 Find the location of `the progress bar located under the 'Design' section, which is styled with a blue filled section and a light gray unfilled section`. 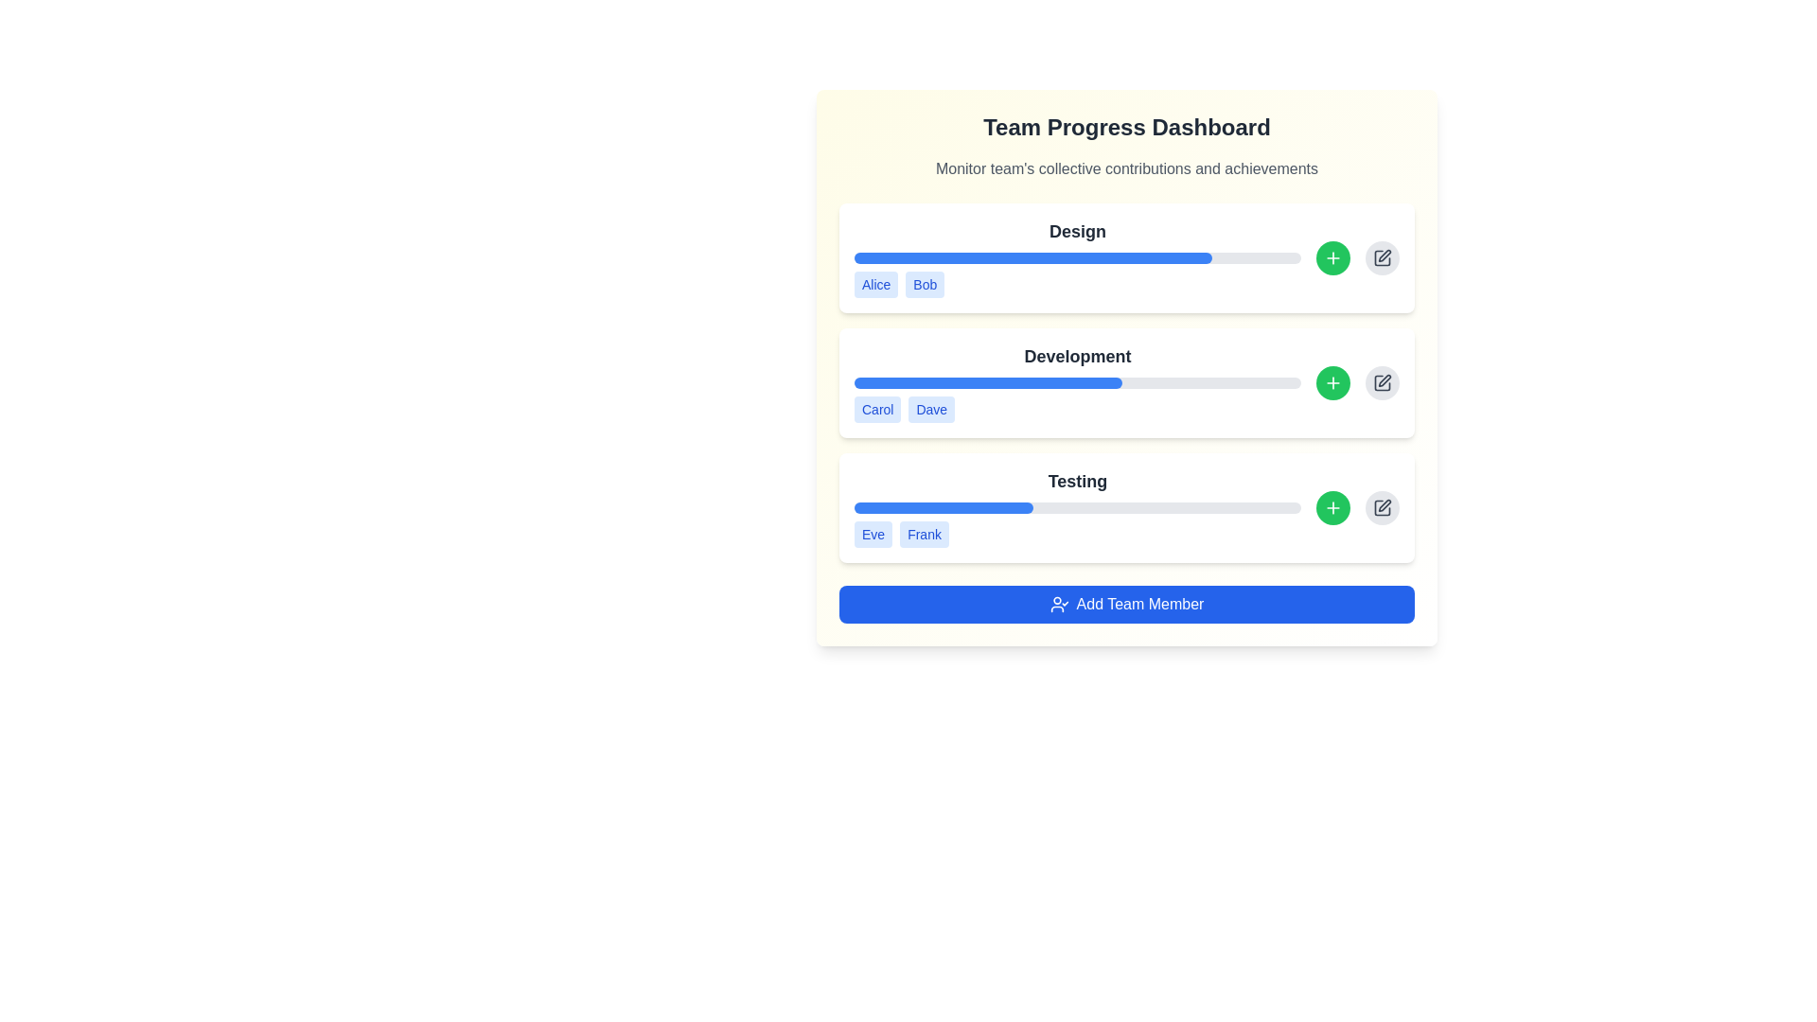

the progress bar located under the 'Design' section, which is styled with a blue filled section and a light gray unfilled section is located at coordinates (1077, 258).